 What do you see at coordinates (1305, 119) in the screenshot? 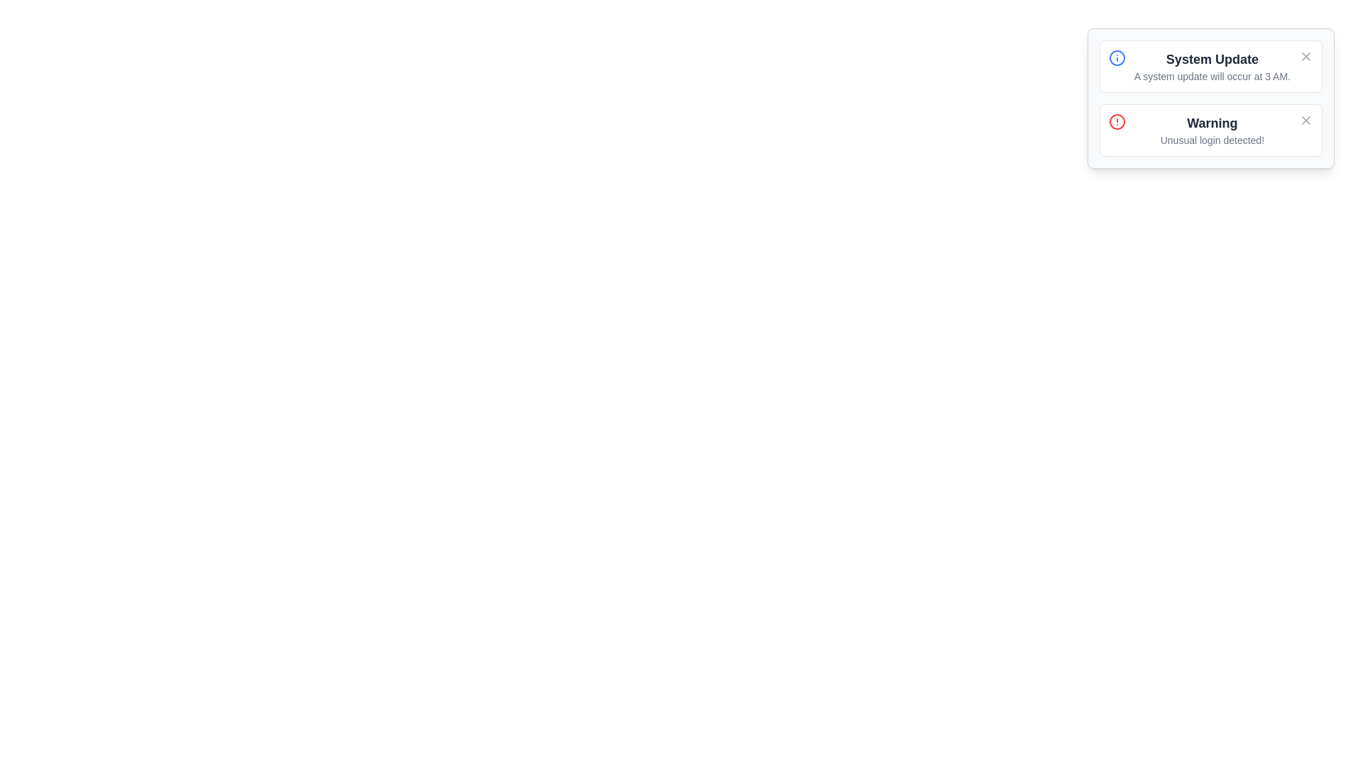
I see `the Close button icon located in the top-right corner of the 'Warning' message card` at bounding box center [1305, 119].